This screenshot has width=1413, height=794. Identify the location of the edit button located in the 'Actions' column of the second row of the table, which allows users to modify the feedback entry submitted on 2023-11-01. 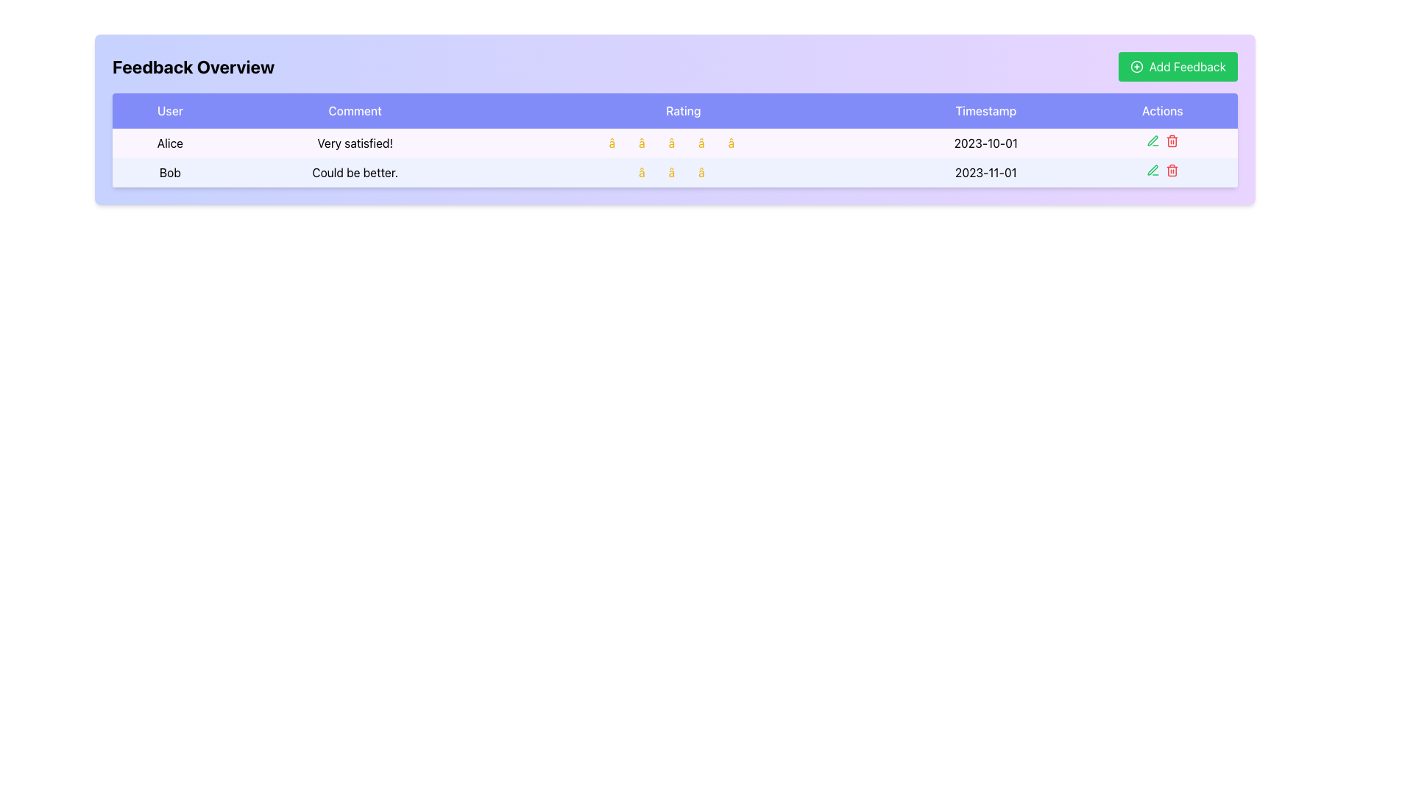
(1152, 141).